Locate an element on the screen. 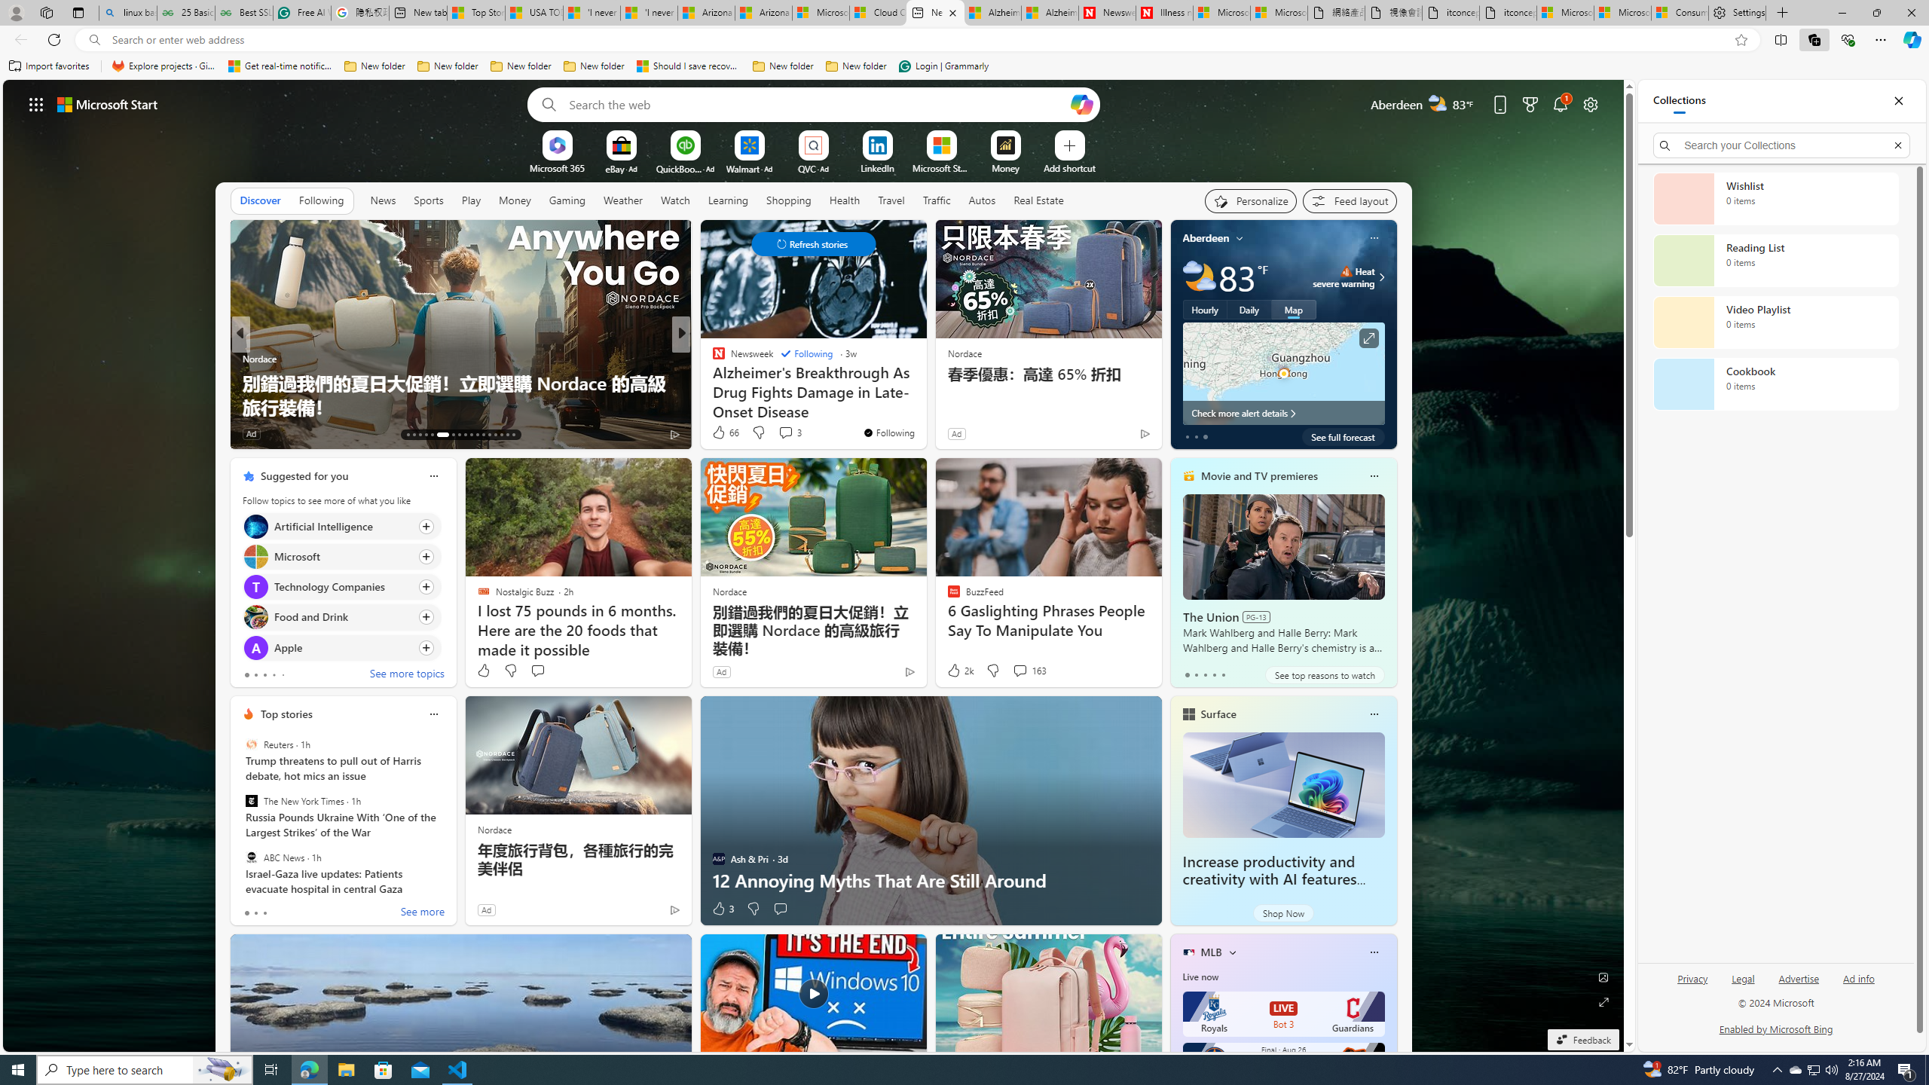 This screenshot has height=1085, width=1929. 'Gaming' is located at coordinates (567, 199).